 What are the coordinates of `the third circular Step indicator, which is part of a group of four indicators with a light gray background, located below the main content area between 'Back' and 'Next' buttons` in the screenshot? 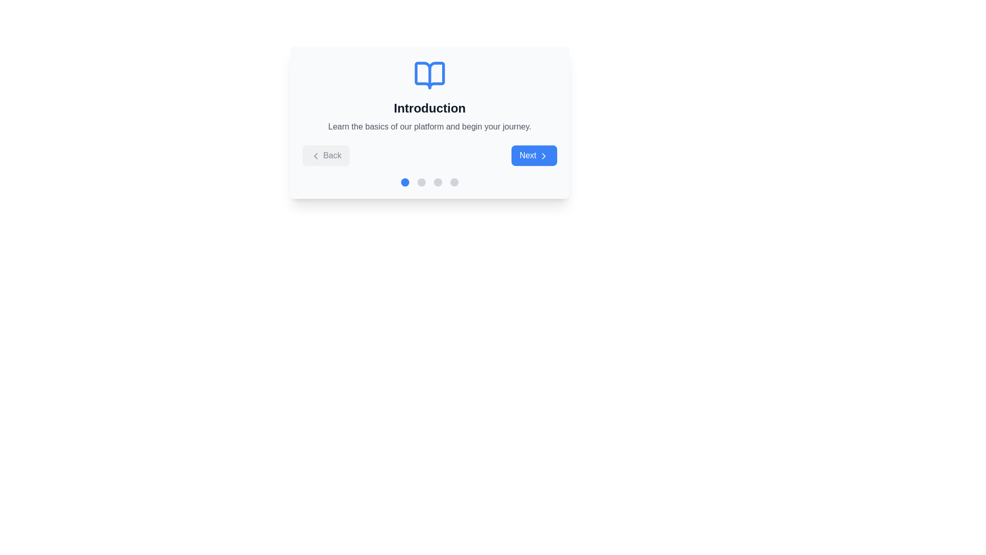 It's located at (438, 181).